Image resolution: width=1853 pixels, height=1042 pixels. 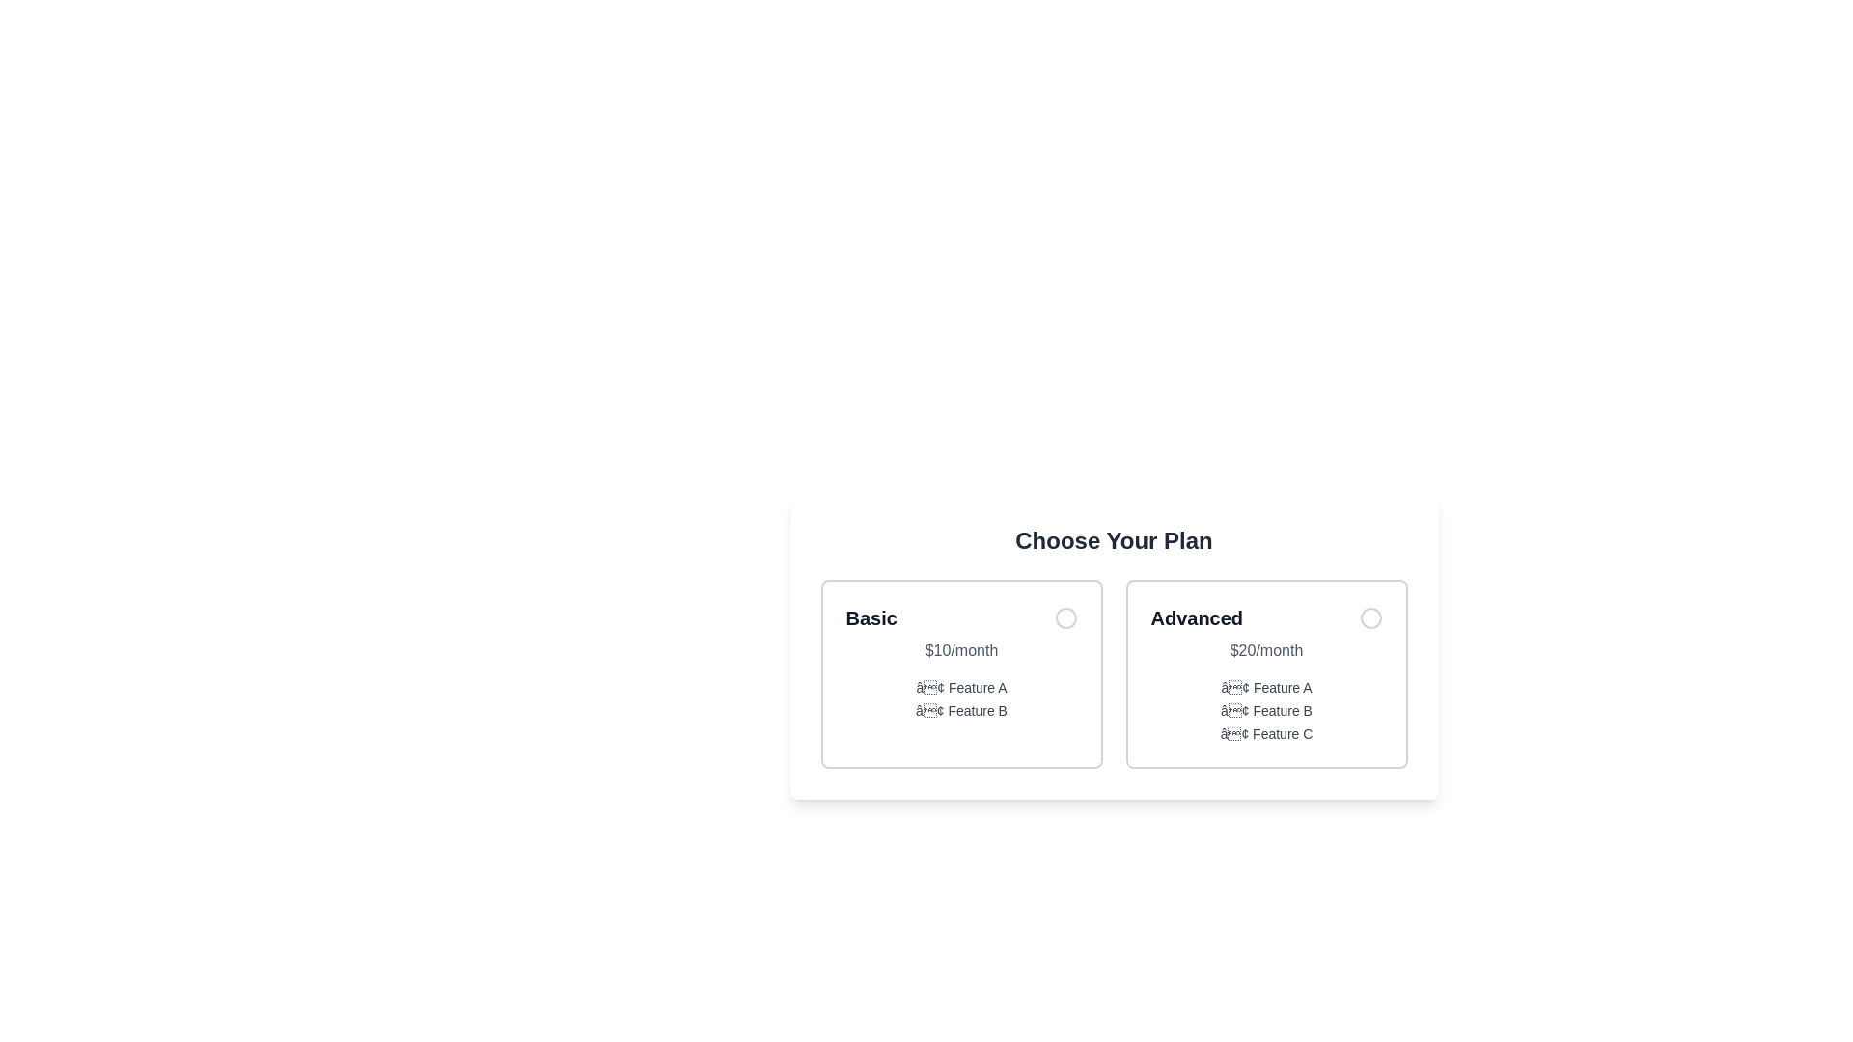 What do you see at coordinates (1065, 617) in the screenshot?
I see `the circular light gray radio button located to the far right of the text 'Basic'` at bounding box center [1065, 617].